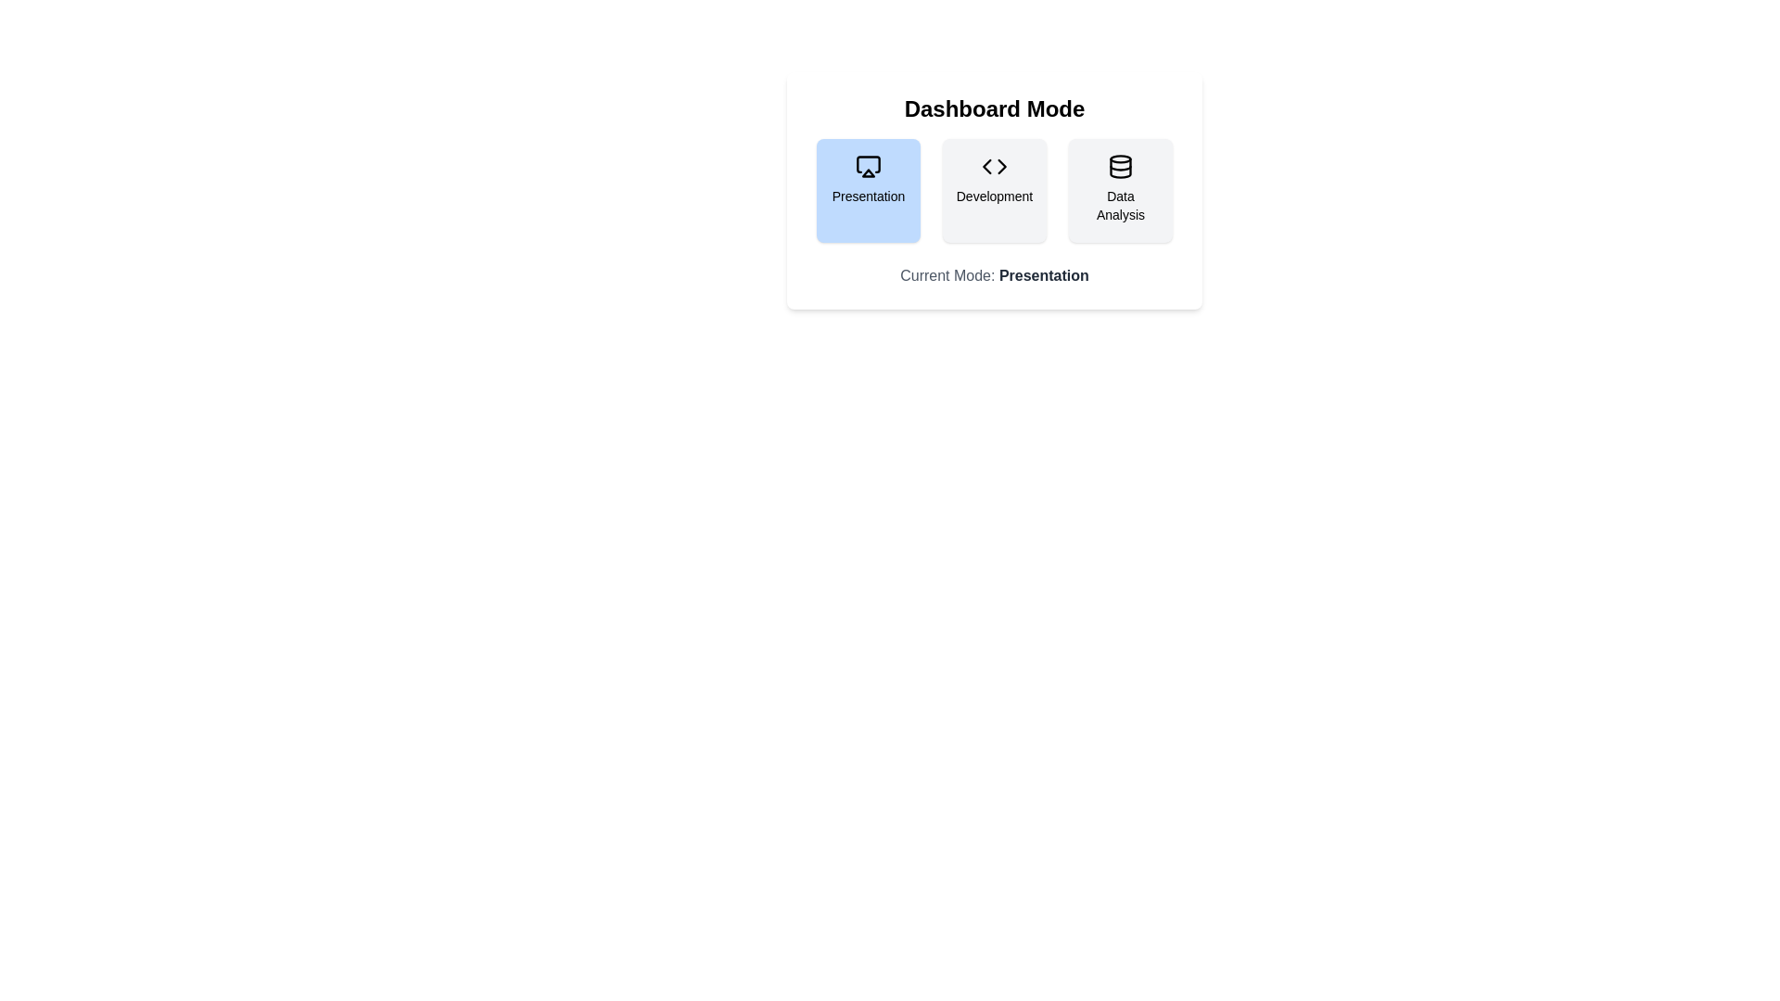  What do you see at coordinates (994, 190) in the screenshot?
I see `the mode Development by clicking on its respective button` at bounding box center [994, 190].